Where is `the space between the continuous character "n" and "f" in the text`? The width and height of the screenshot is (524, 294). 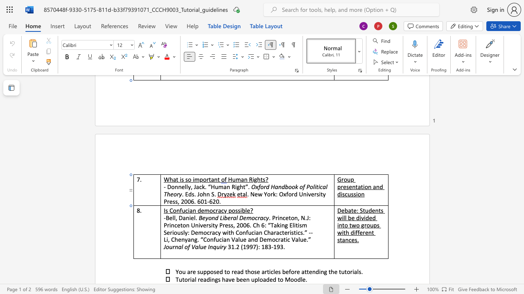 the space between the continuous character "n" and "f" in the text is located at coordinates (179, 210).